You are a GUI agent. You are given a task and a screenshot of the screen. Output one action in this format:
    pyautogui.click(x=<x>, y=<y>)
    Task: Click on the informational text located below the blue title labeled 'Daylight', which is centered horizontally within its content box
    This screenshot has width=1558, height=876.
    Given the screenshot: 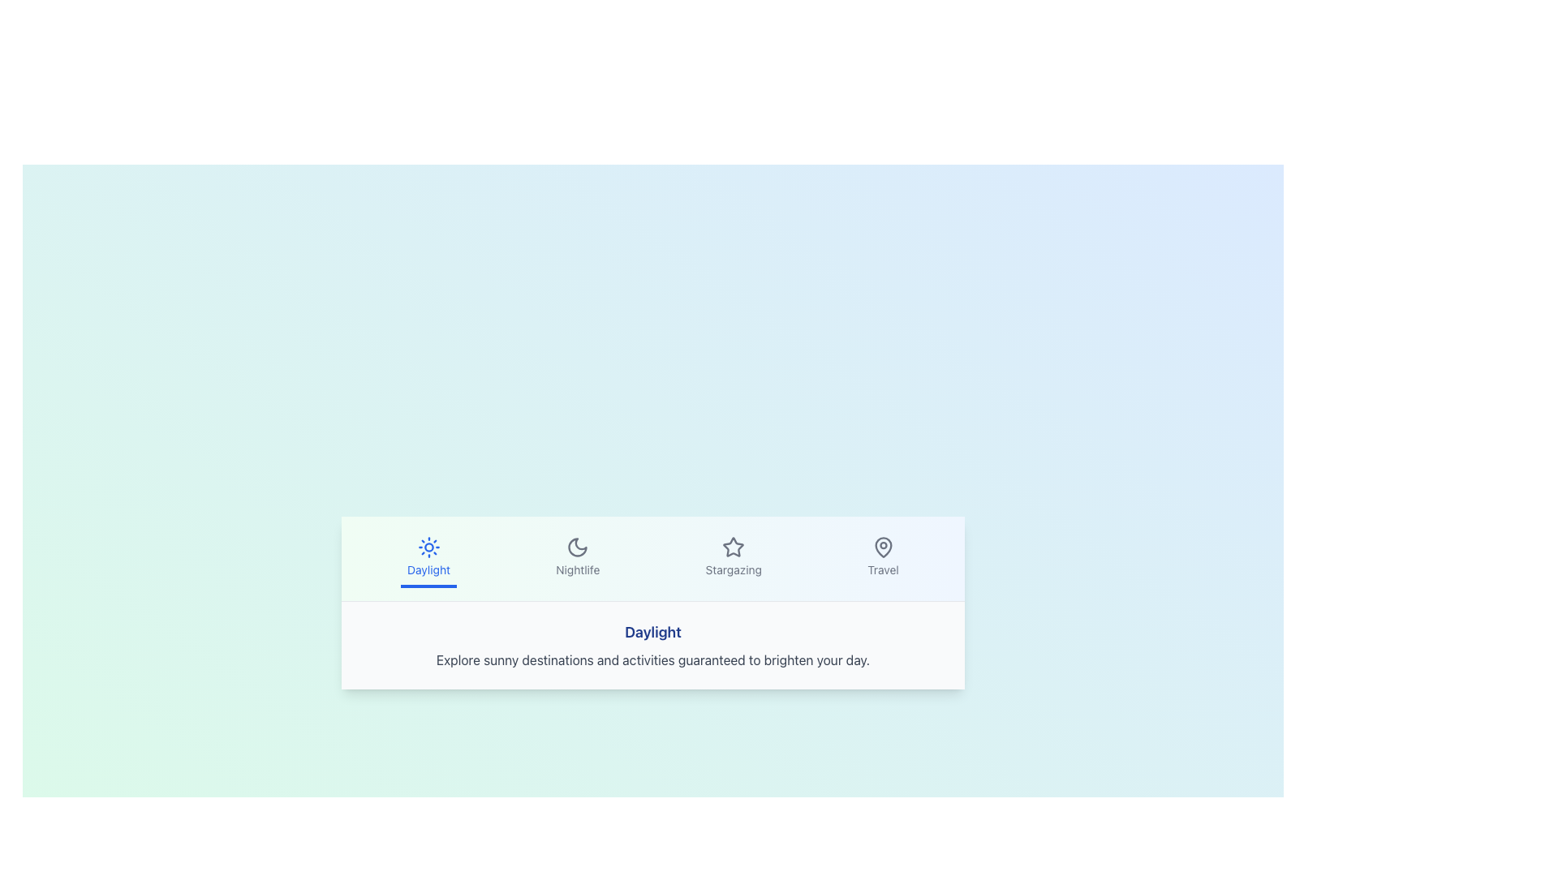 What is the action you would take?
    pyautogui.click(x=653, y=659)
    